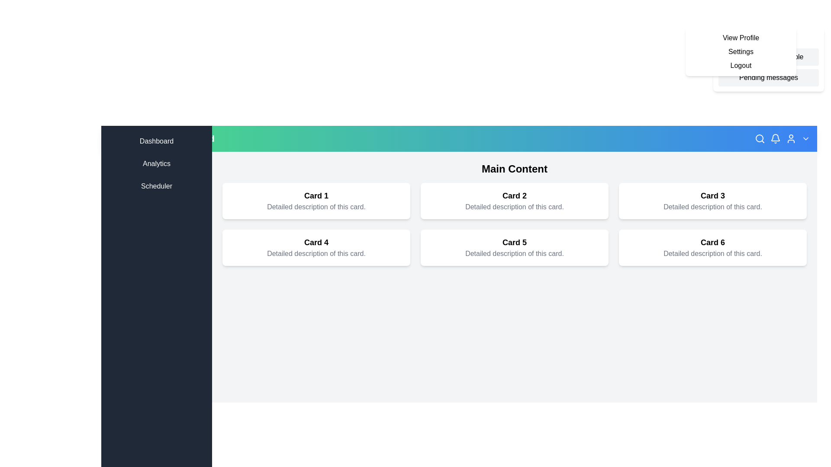 The image size is (831, 467). I want to click on the descriptive text element located directly beneath the title 'Card 3' in the top-right card of the grid layout, so click(712, 207).